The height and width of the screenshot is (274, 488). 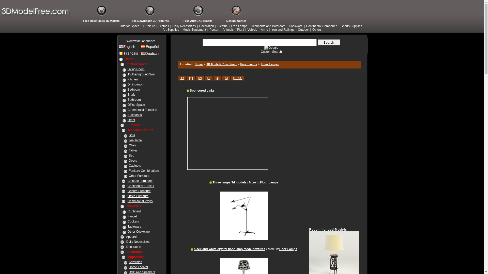 What do you see at coordinates (162, 29) in the screenshot?
I see `'Art Supplies'` at bounding box center [162, 29].